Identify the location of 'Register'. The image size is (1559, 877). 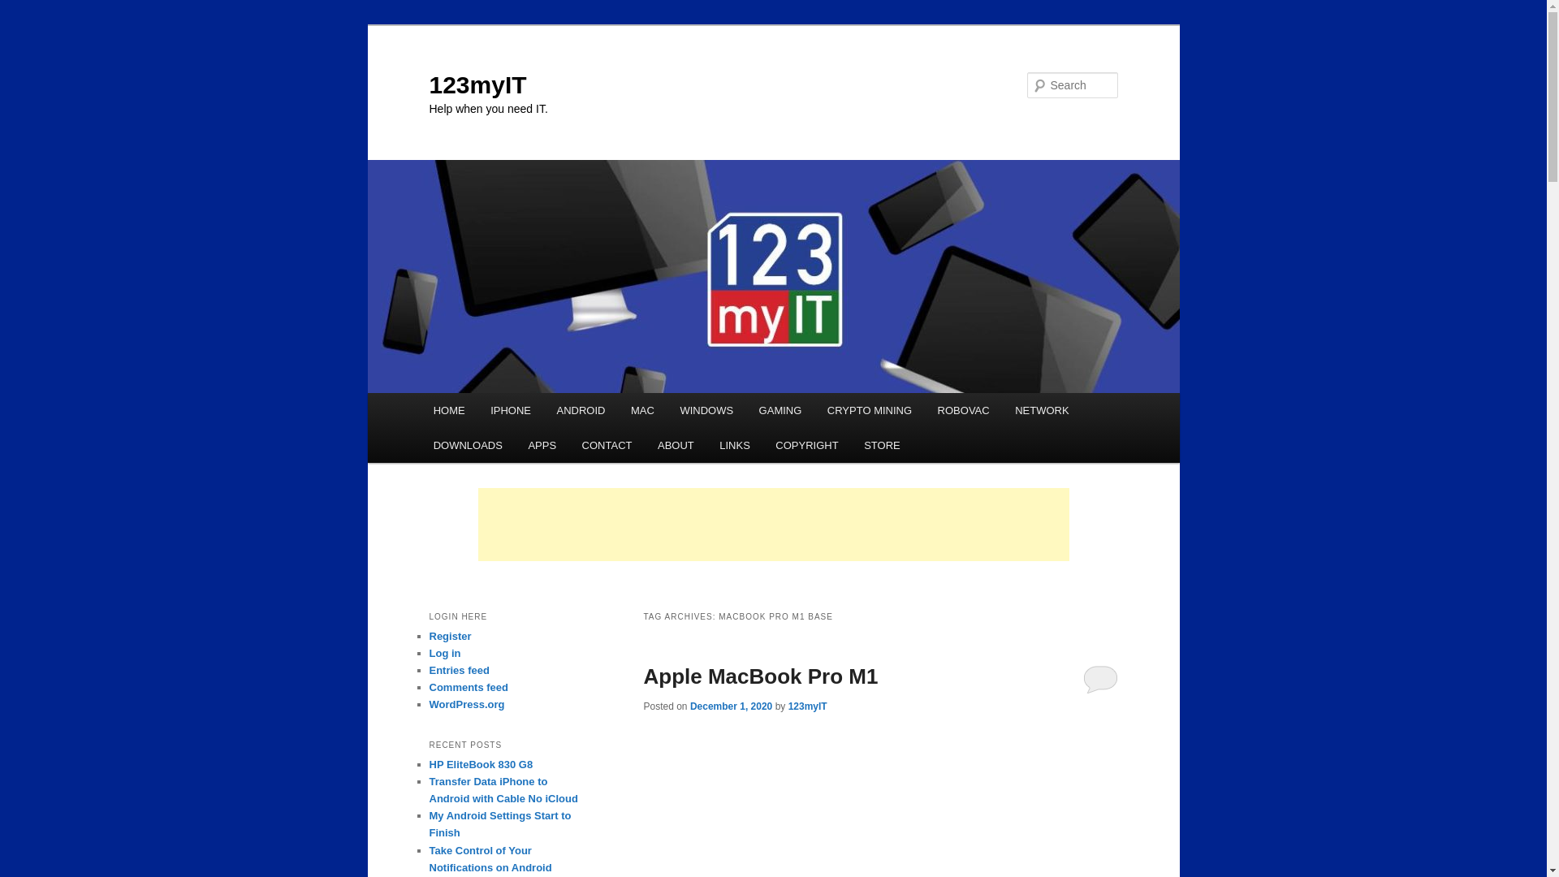
(449, 635).